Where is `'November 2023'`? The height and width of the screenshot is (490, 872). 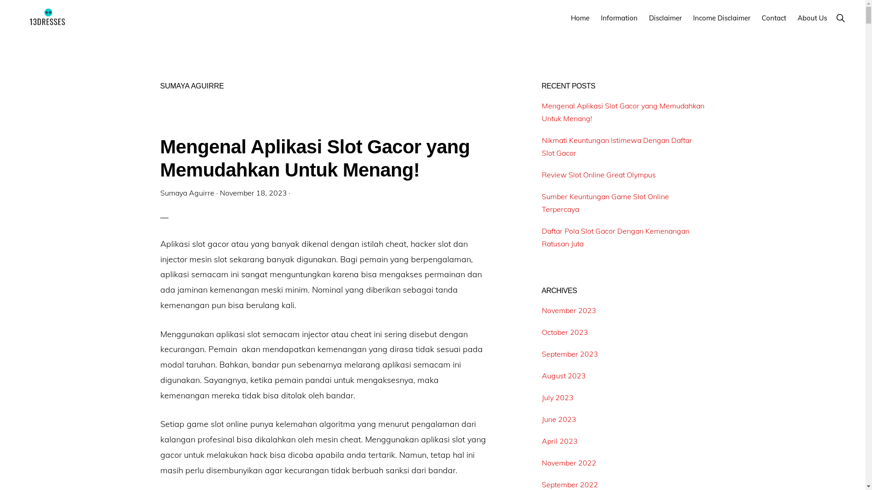 'November 2023' is located at coordinates (541, 309).